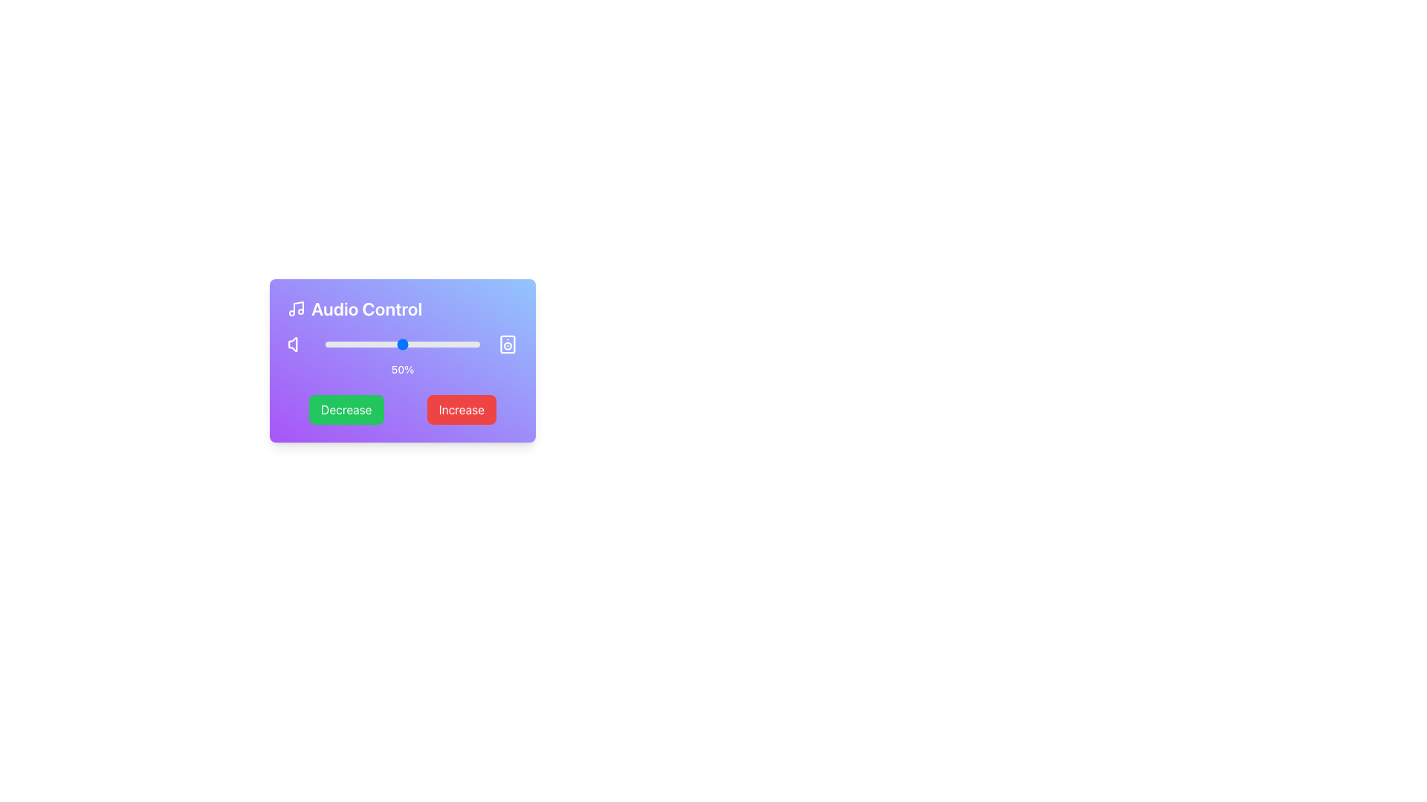 This screenshot has height=802, width=1427. What do you see at coordinates (409, 344) in the screenshot?
I see `volume` at bounding box center [409, 344].